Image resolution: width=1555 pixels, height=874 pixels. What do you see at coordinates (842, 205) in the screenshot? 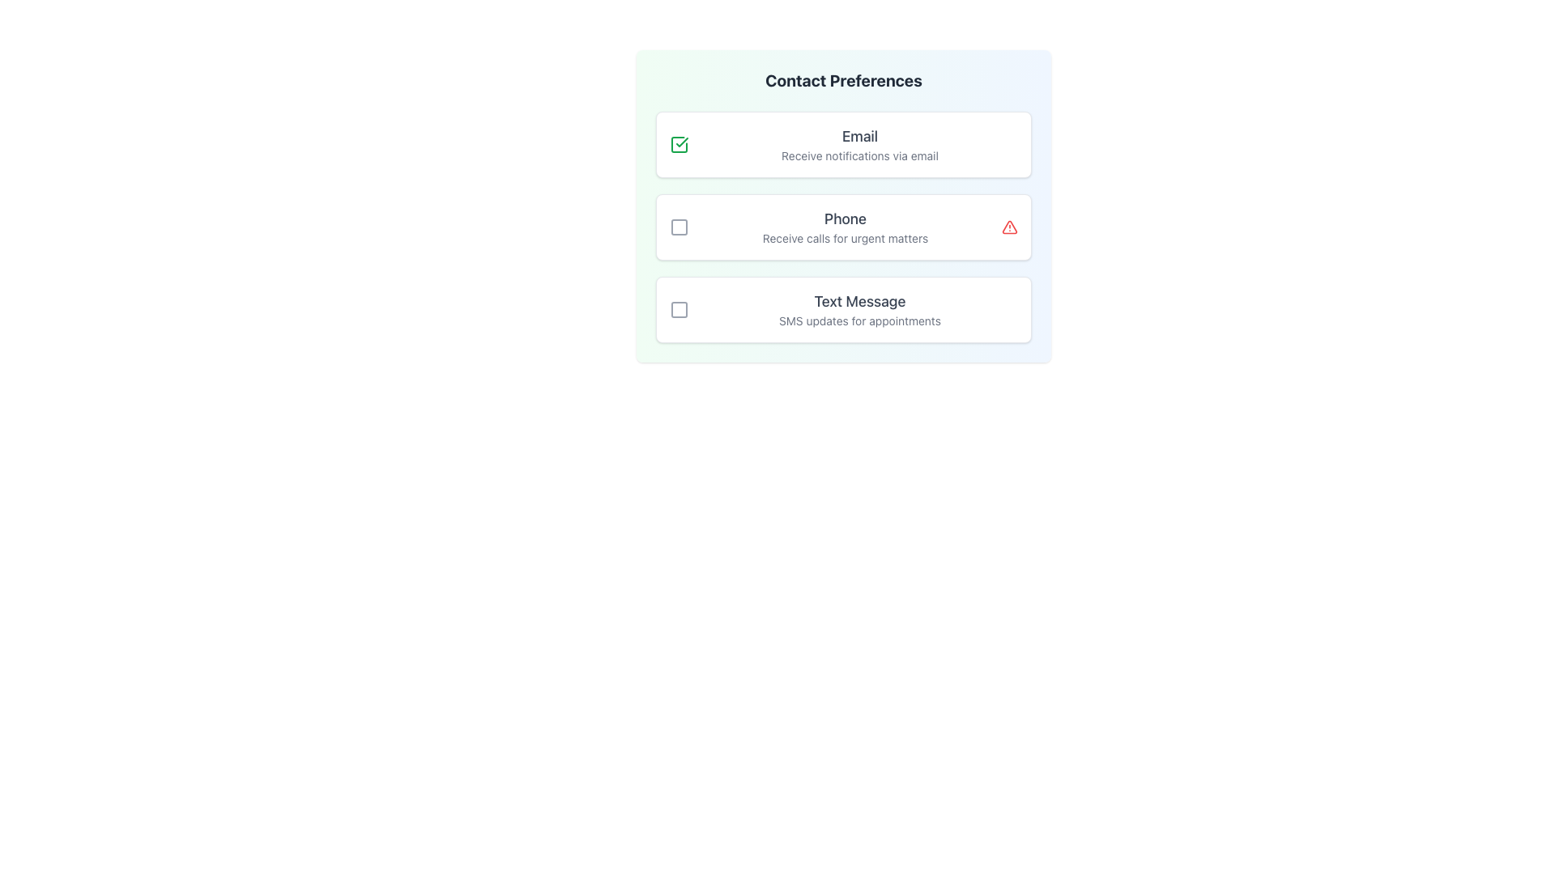
I see `the checkbox for 'Phone' in the contact preferences widget` at bounding box center [842, 205].